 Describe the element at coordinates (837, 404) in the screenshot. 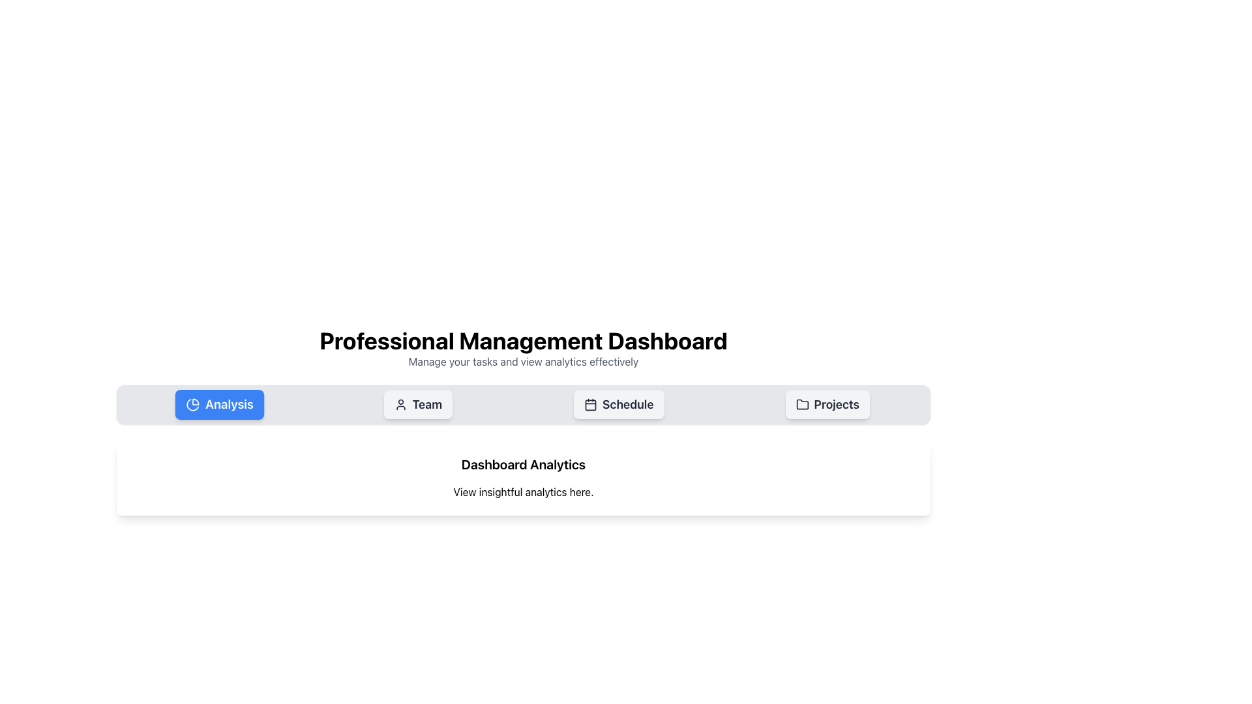

I see `the text content of the 'Projects' text label, which is the right-most button in the navigation group, styled in bold with a light gray background and rounded edges` at that location.